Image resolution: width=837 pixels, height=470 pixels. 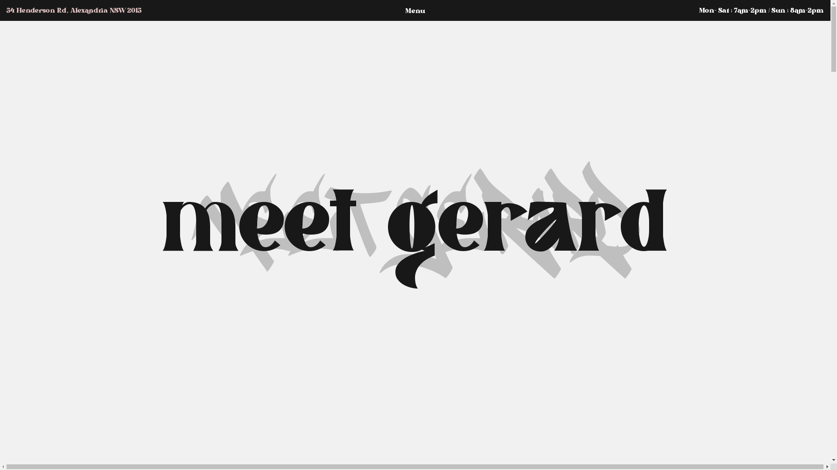 What do you see at coordinates (372, 11) in the screenshot?
I see `'Menu'` at bounding box center [372, 11].